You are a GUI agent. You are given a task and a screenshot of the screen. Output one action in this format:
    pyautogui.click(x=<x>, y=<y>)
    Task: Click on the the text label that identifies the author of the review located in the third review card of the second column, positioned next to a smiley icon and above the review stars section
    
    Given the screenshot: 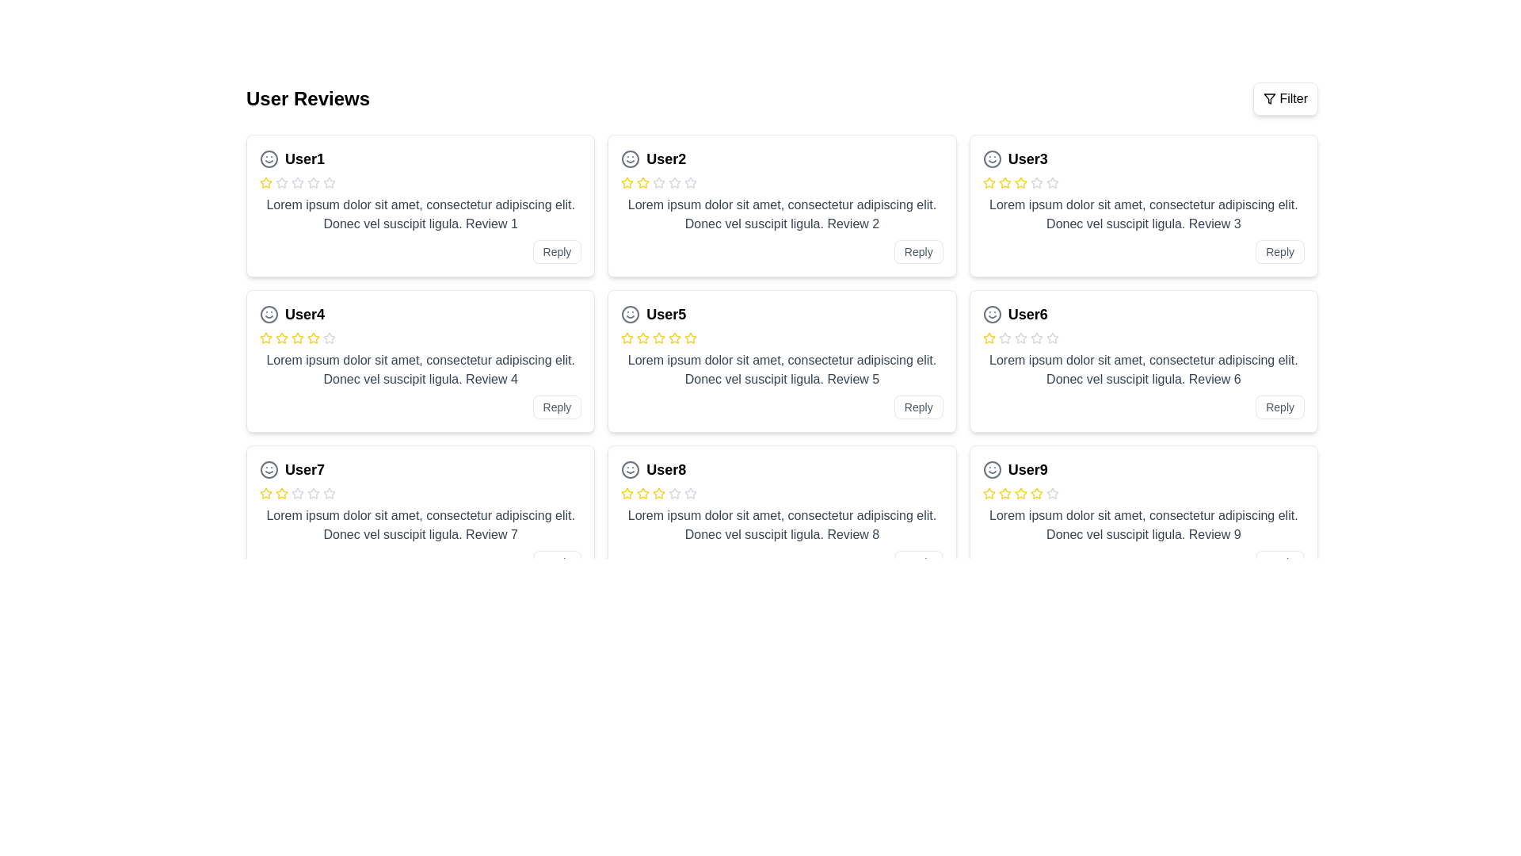 What is the action you would take?
    pyautogui.click(x=1027, y=159)
    